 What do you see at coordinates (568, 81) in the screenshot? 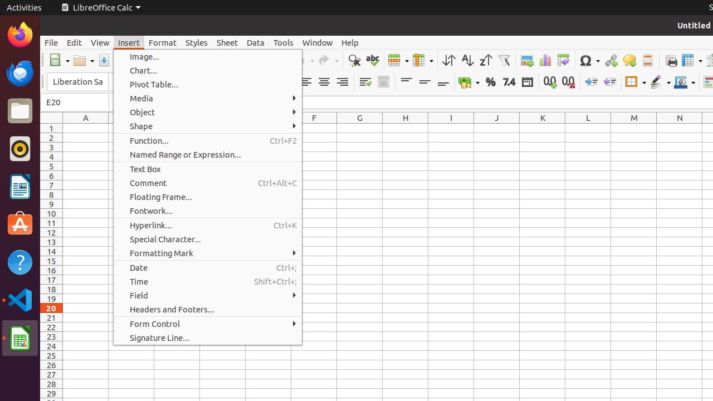
I see `'Delete Decimal Place'` at bounding box center [568, 81].